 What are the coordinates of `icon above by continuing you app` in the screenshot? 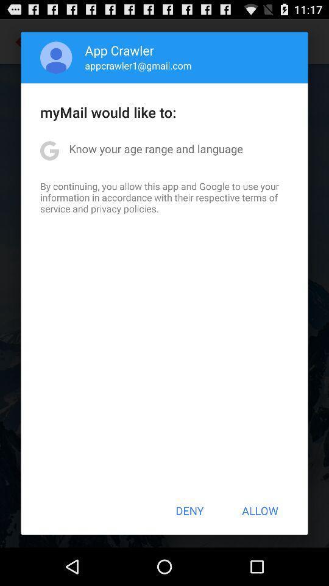 It's located at (156, 148).